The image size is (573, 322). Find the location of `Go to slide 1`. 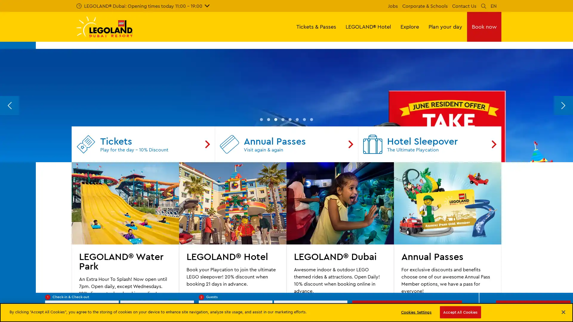

Go to slide 1 is located at coordinates (261, 238).